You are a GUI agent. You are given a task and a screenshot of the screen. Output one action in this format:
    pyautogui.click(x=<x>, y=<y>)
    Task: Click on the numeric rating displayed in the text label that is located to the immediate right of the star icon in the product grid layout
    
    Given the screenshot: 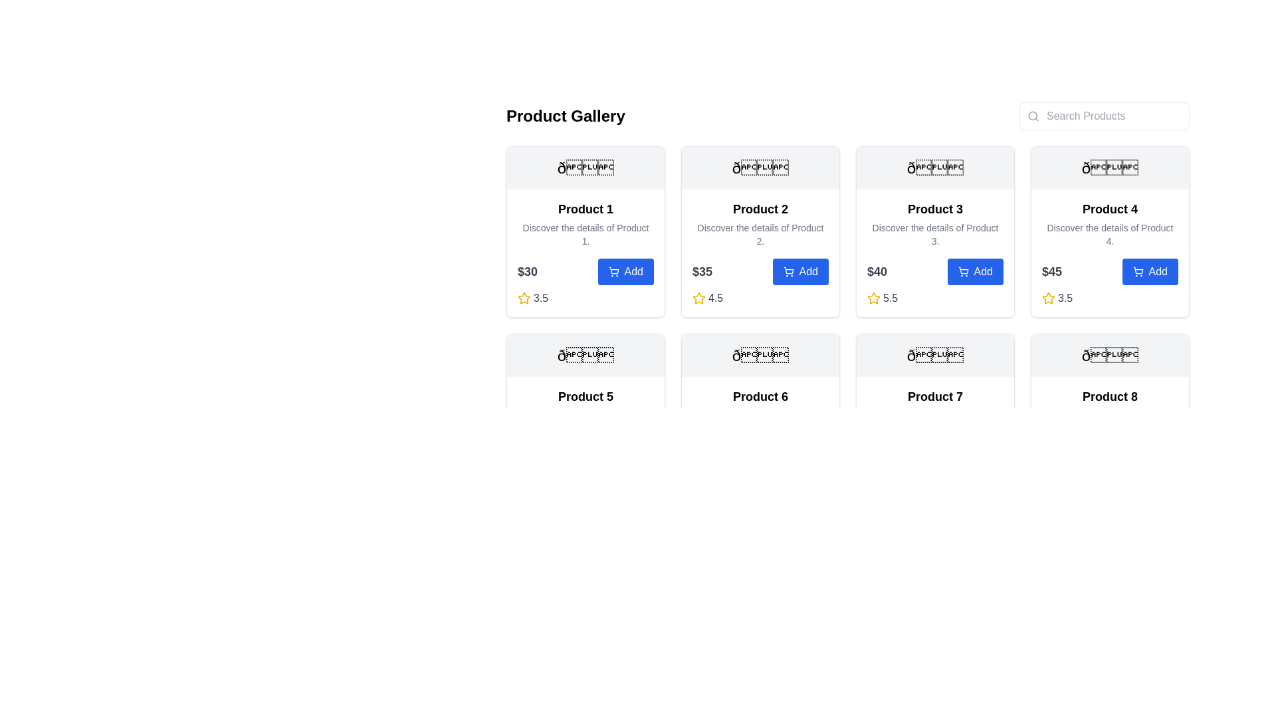 What is the action you would take?
    pyautogui.click(x=891, y=297)
    